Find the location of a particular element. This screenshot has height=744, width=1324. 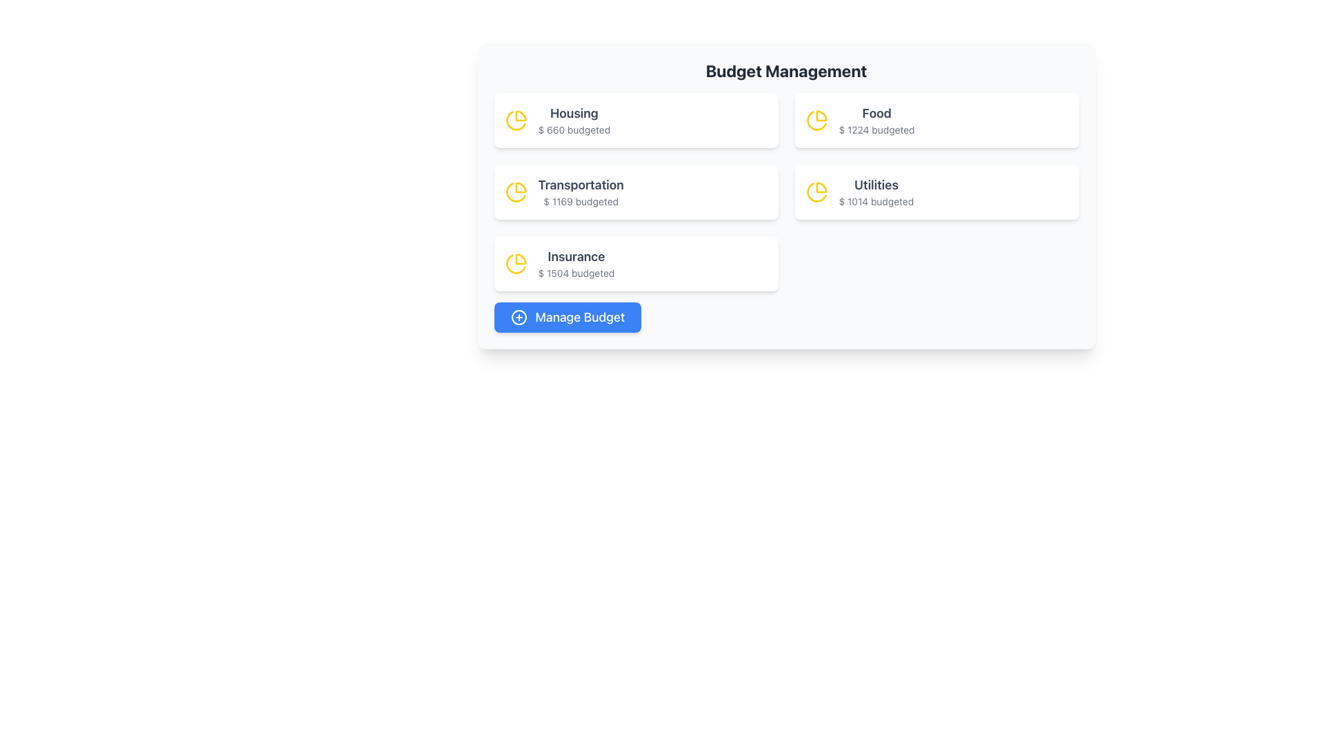

the 'Manage Budget' text label within the blue button is located at coordinates (580, 318).